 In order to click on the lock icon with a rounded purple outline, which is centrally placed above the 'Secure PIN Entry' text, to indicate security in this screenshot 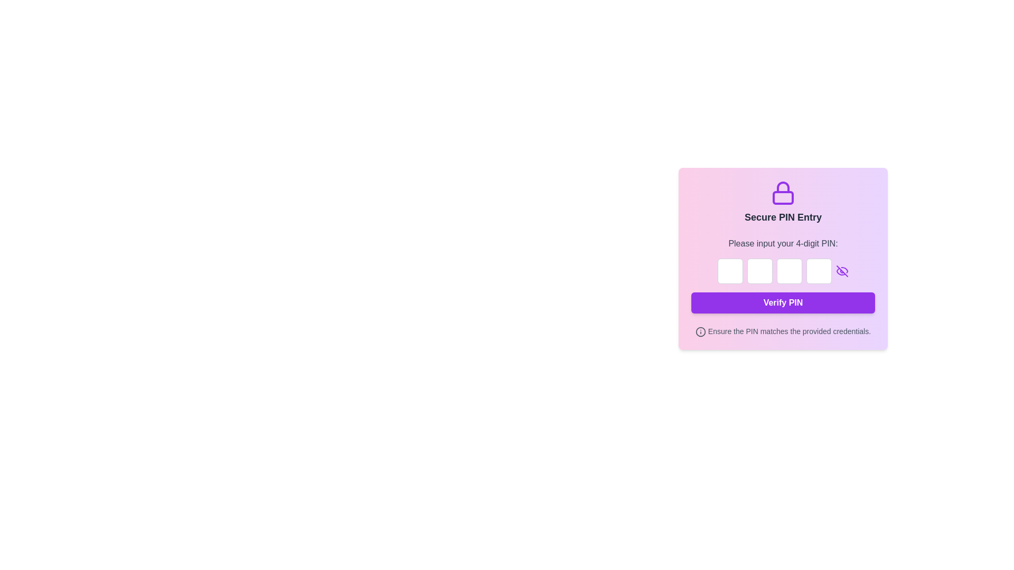, I will do `click(783, 193)`.